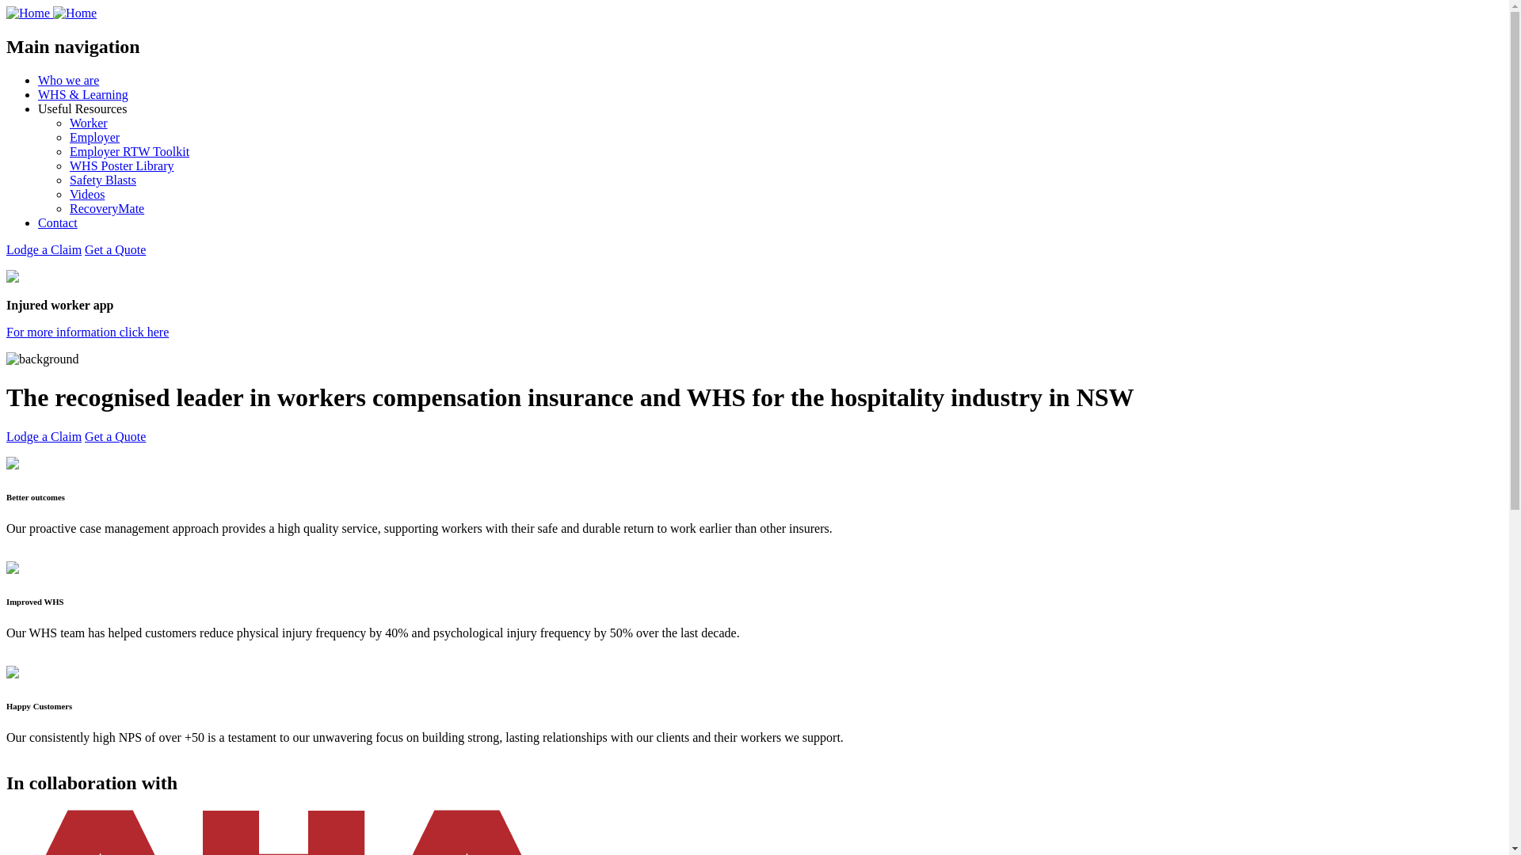 Image resolution: width=1521 pixels, height=855 pixels. What do you see at coordinates (51, 13) in the screenshot?
I see `'Home'` at bounding box center [51, 13].